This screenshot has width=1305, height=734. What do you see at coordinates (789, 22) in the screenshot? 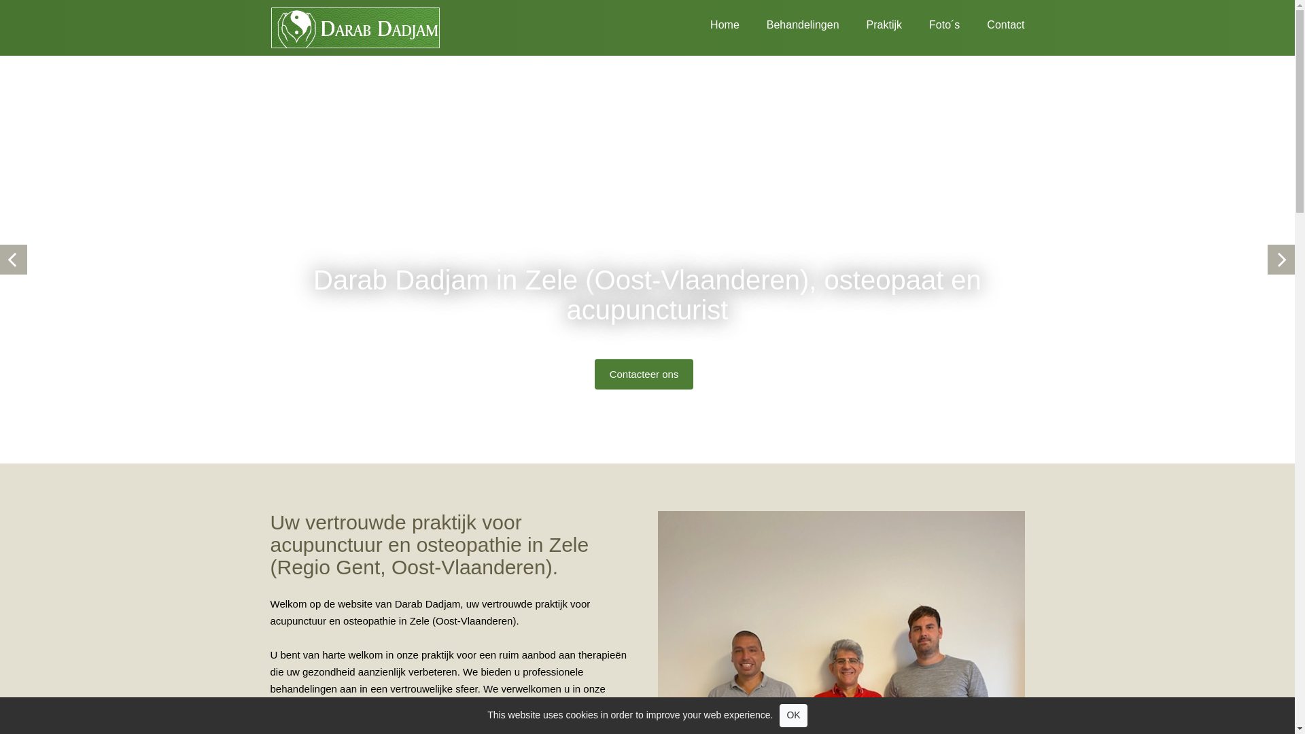
I see `'Behandelingen'` at bounding box center [789, 22].